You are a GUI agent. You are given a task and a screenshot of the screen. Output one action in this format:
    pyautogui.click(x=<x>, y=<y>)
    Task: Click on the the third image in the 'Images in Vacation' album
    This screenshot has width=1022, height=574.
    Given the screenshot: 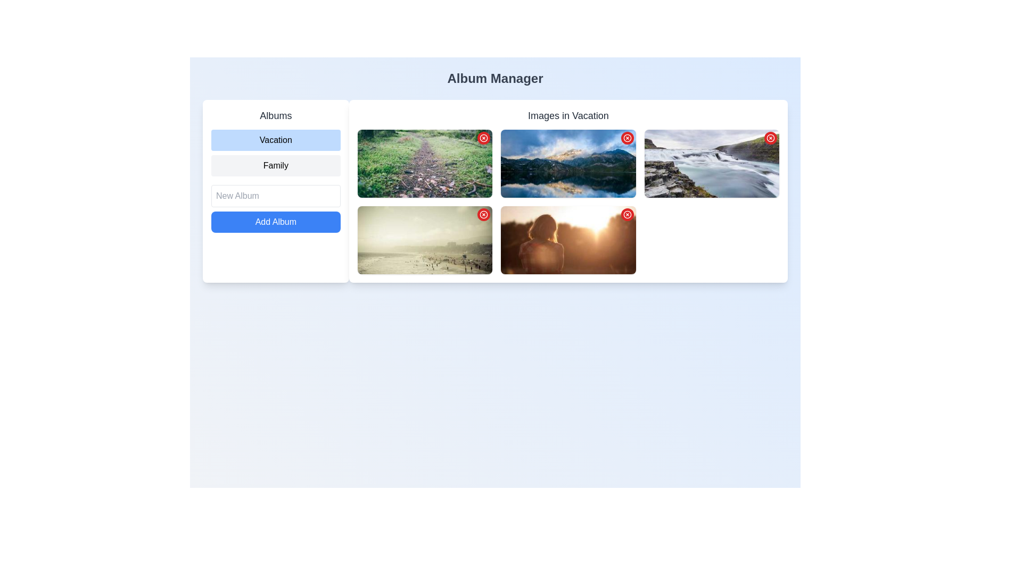 What is the action you would take?
    pyautogui.click(x=424, y=240)
    